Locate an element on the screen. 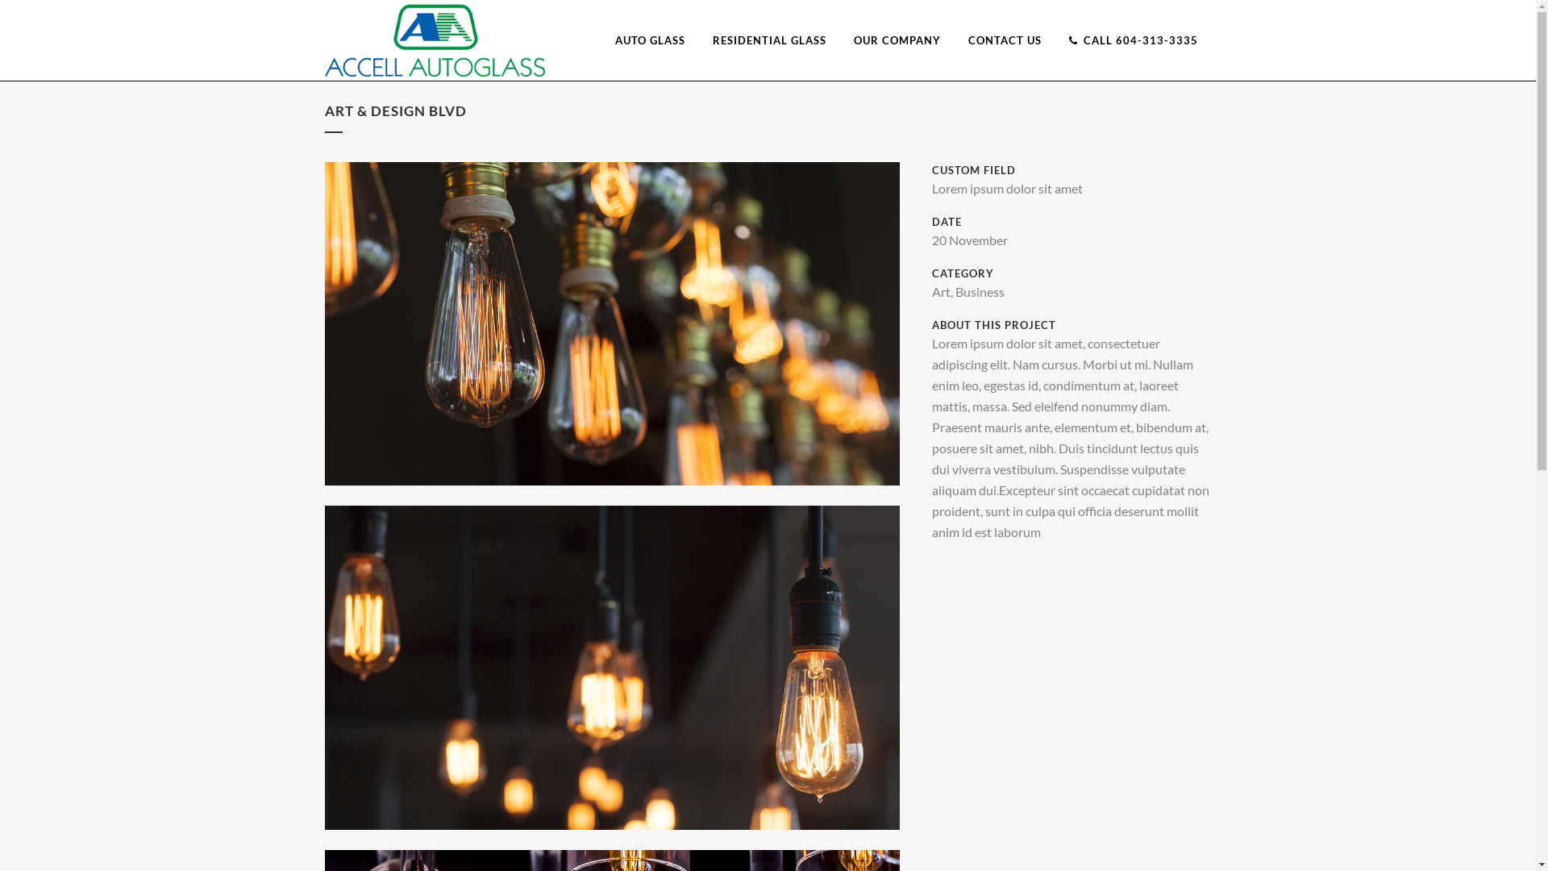 The width and height of the screenshot is (1548, 871). 'CONTACT US' is located at coordinates (1004, 40).